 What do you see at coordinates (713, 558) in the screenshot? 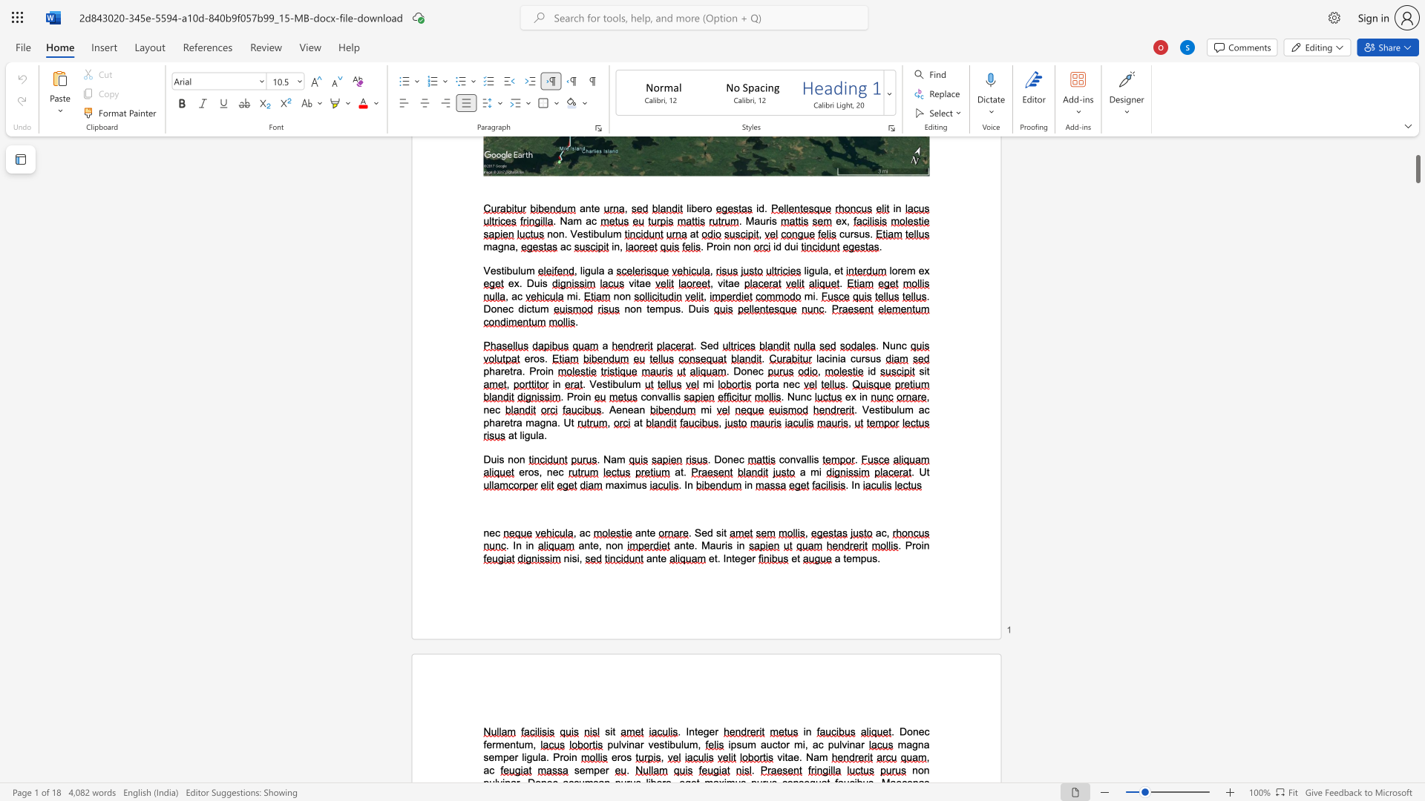
I see `the space between the continuous character "e" and "t" in the text` at bounding box center [713, 558].